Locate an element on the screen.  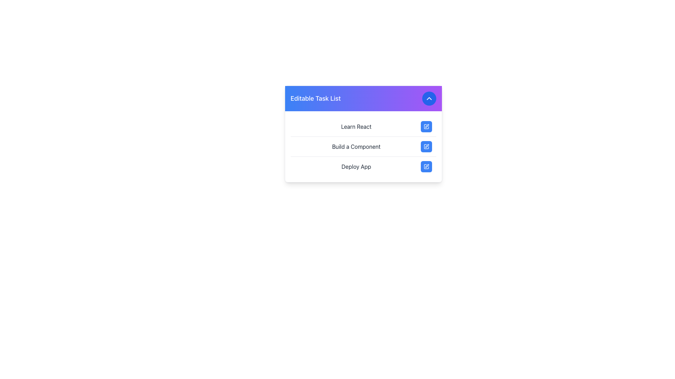
the small blue square-shaped icon with a pen graphic at its center, located adjacent to the text 'Learn React', to initiate editing the corresponding task is located at coordinates (426, 127).